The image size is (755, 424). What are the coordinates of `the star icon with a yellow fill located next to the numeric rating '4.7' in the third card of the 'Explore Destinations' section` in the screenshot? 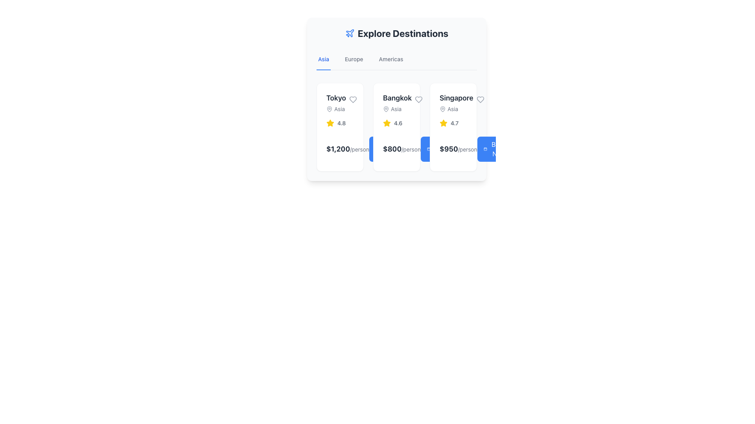 It's located at (444, 123).